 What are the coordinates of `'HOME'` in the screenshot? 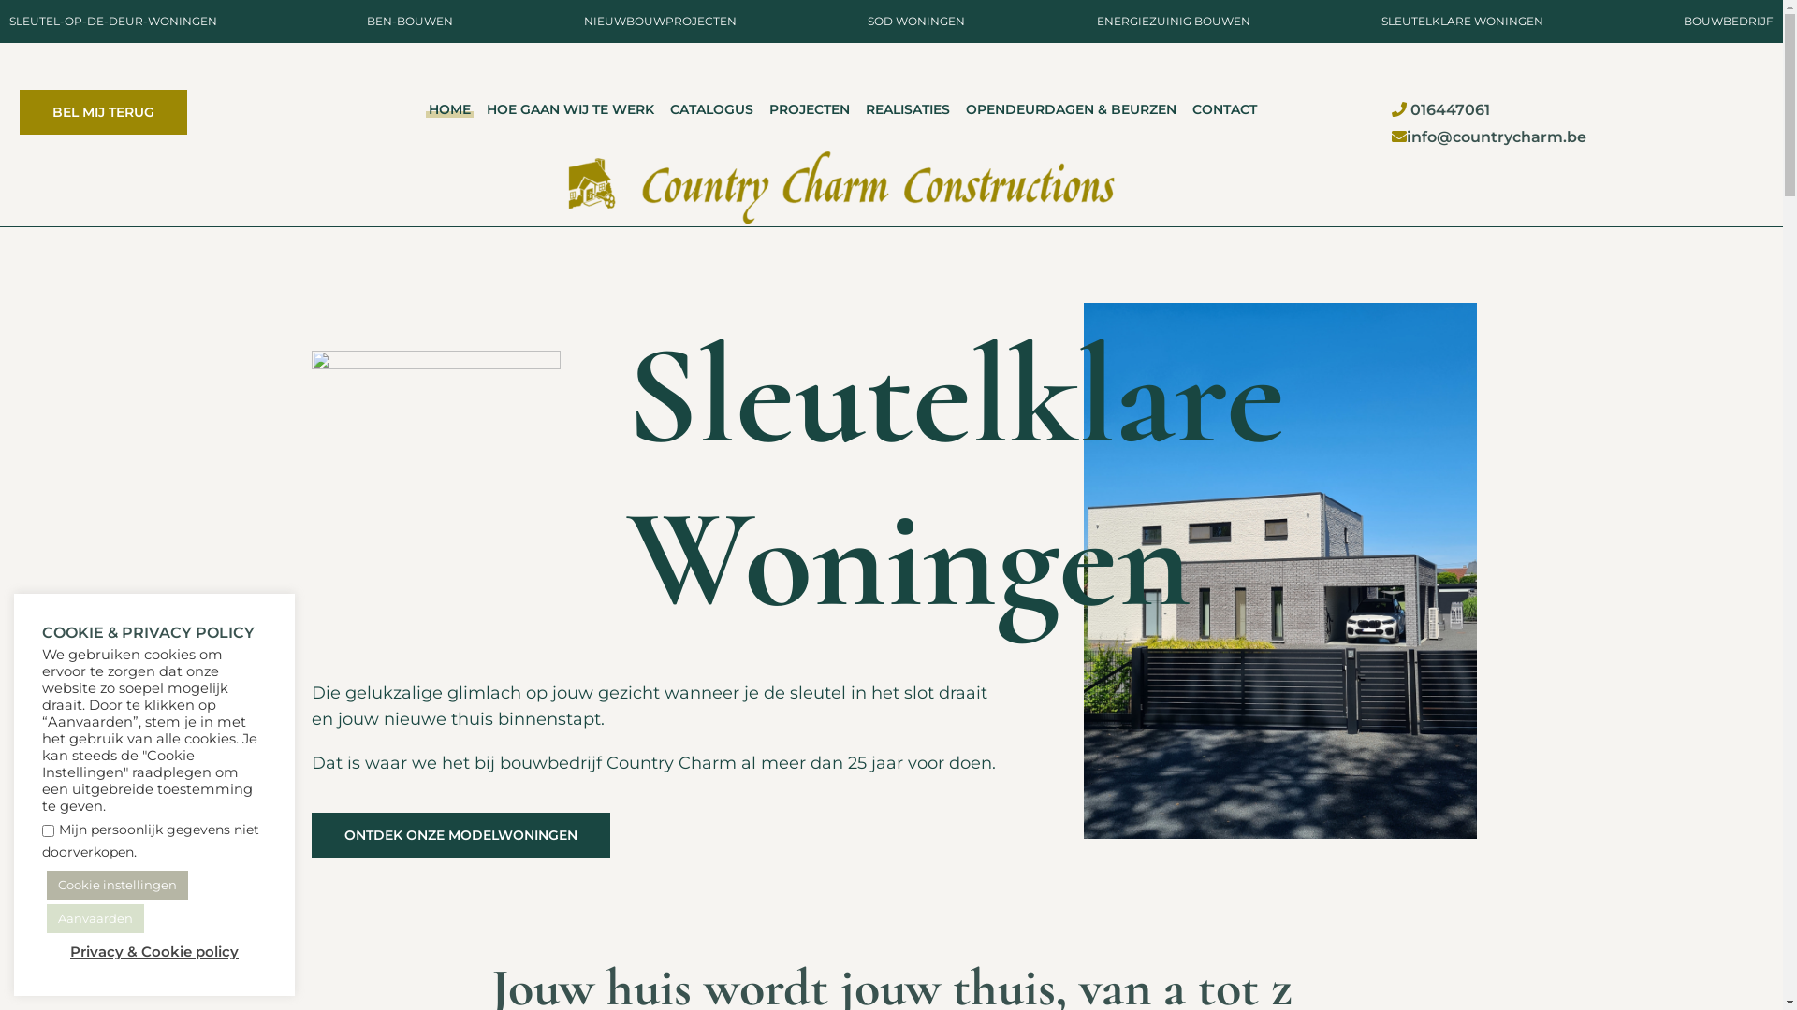 It's located at (449, 109).